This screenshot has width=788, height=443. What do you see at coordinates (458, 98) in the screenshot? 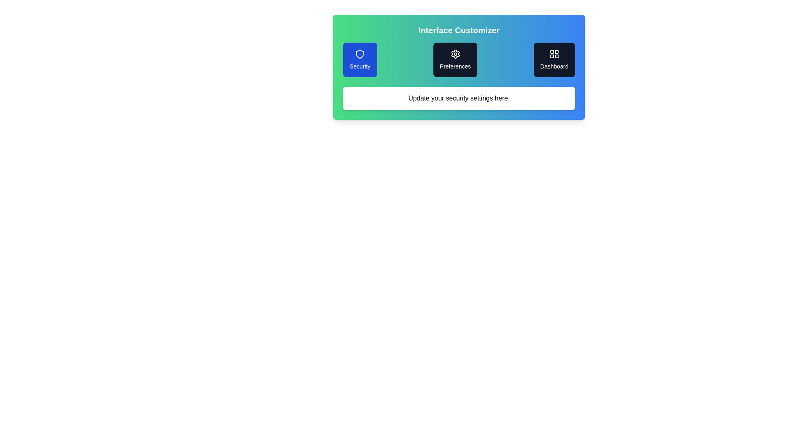
I see `the static text element that reads 'Update your security settings here.' which is positioned below the buttons 'Security', 'Preferences', and 'Dashboard'` at bounding box center [458, 98].